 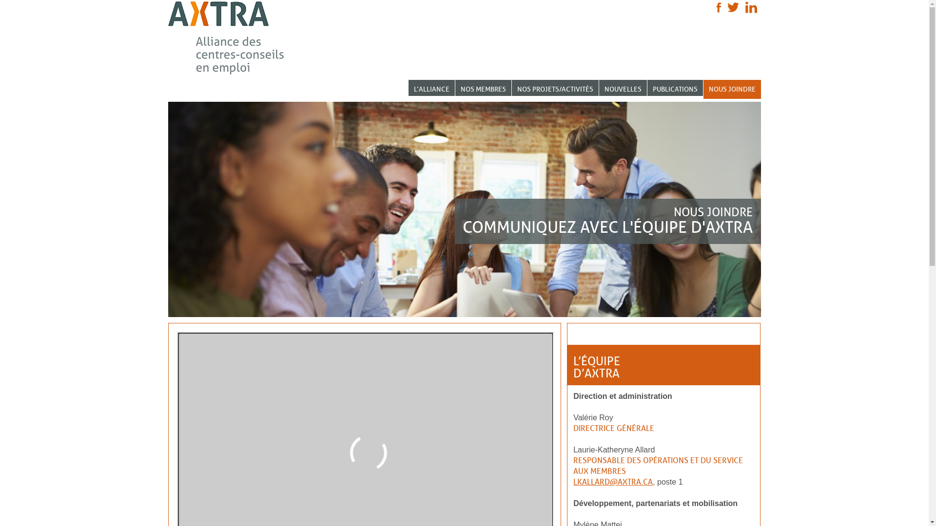 What do you see at coordinates (675, 88) in the screenshot?
I see `'PUBLICATIONS'` at bounding box center [675, 88].